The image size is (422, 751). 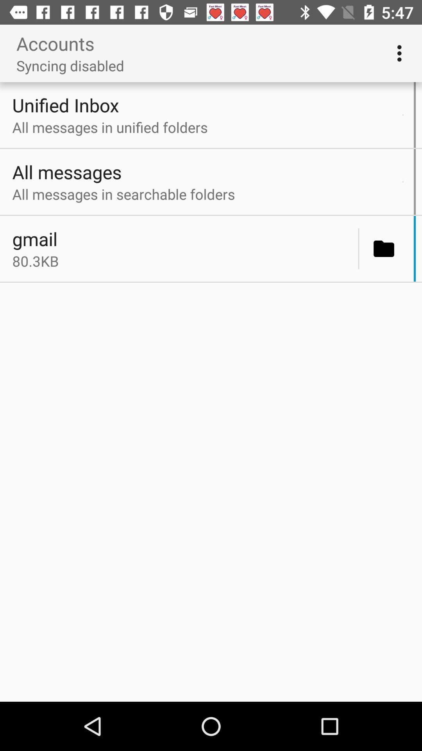 What do you see at coordinates (183, 261) in the screenshot?
I see `the item at the center` at bounding box center [183, 261].